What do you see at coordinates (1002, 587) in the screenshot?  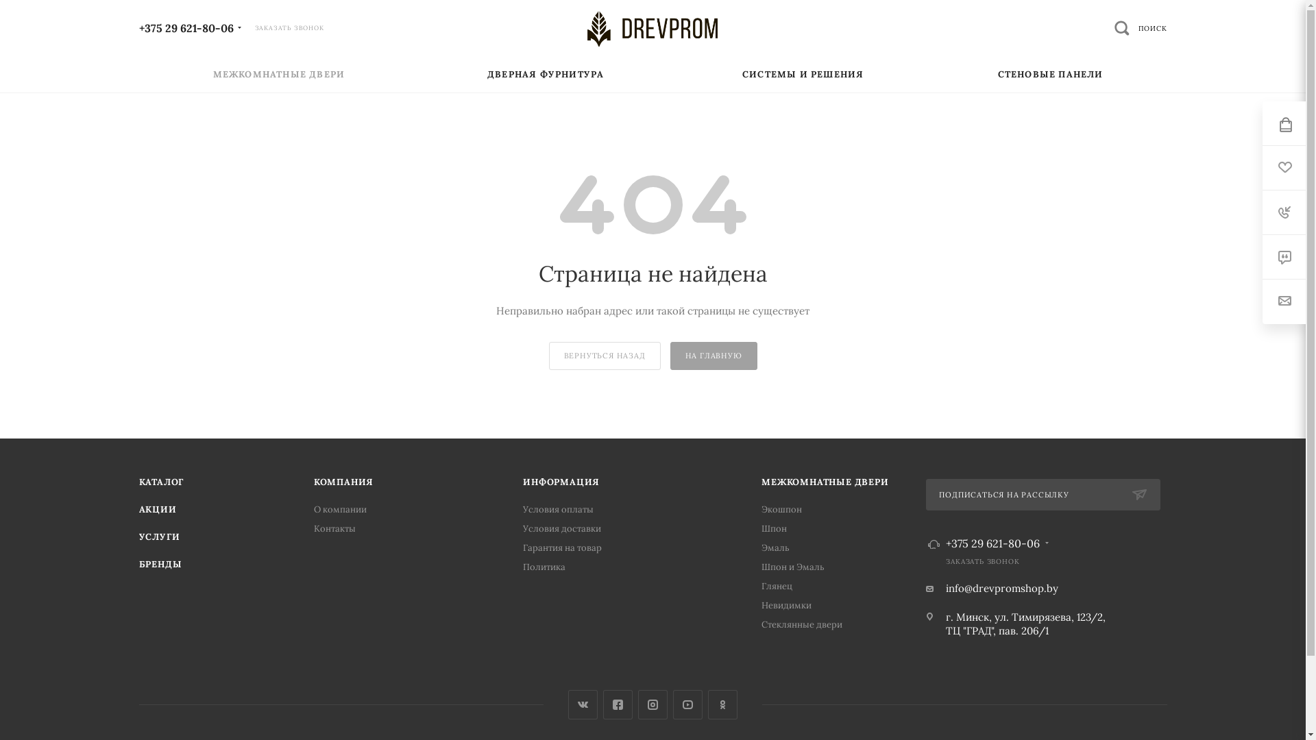 I see `'info@drevpromshop.by'` at bounding box center [1002, 587].